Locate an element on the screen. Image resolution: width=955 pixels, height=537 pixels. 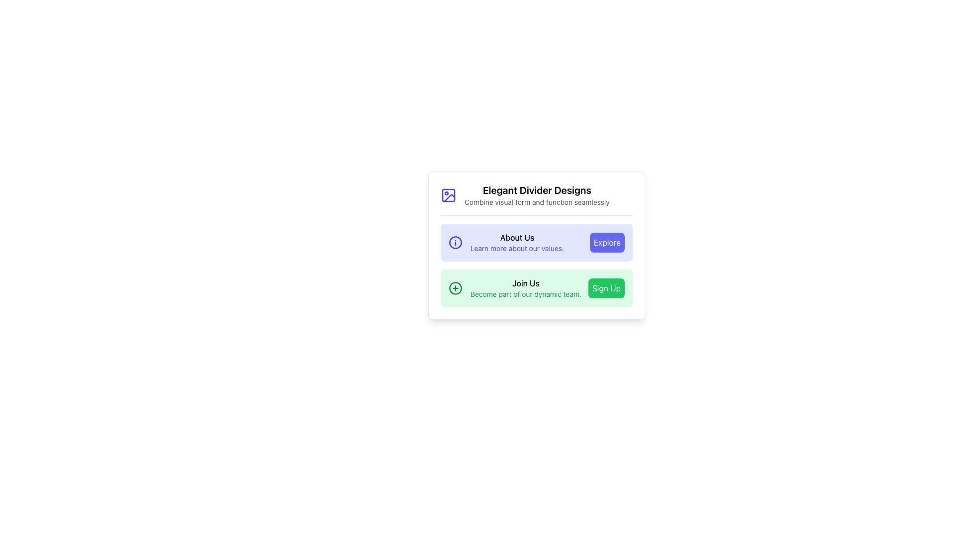
the text label that reads 'Combine visual form and function seamlessly', which is styled in small gray font and located directly below the title 'Elegant Divider Designs' is located at coordinates (536, 202).